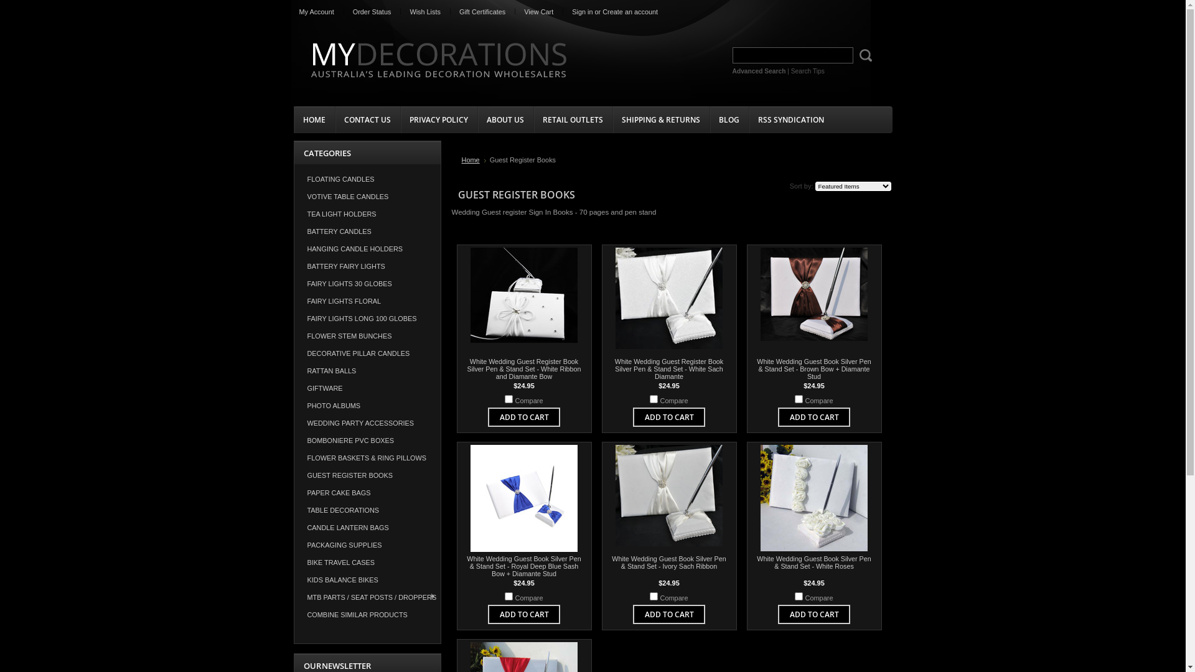  What do you see at coordinates (481, 12) in the screenshot?
I see `'Gift Certificates'` at bounding box center [481, 12].